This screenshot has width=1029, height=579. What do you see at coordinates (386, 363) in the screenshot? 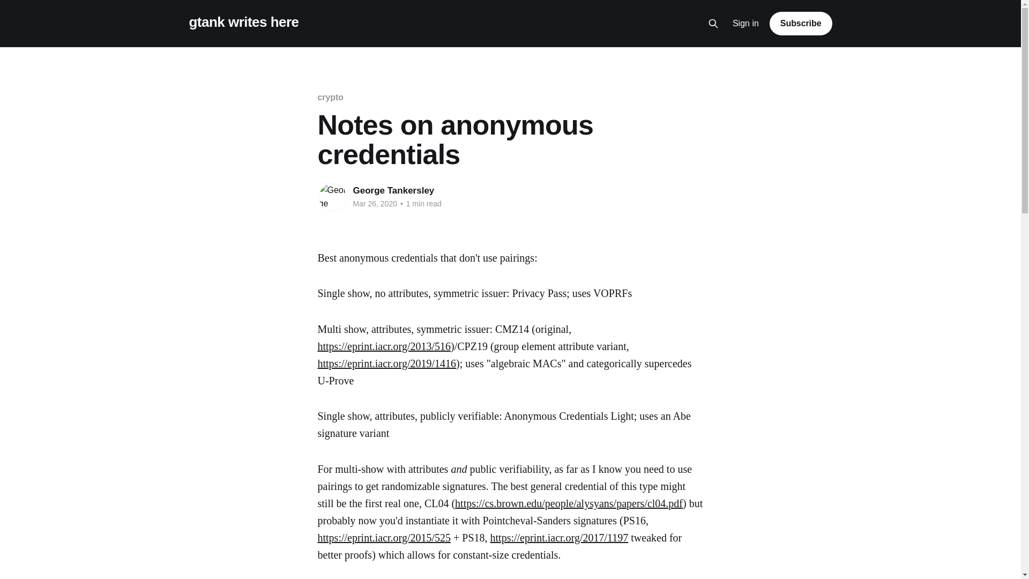
I see `'https://eprint.iacr.org/2019/1416'` at bounding box center [386, 363].